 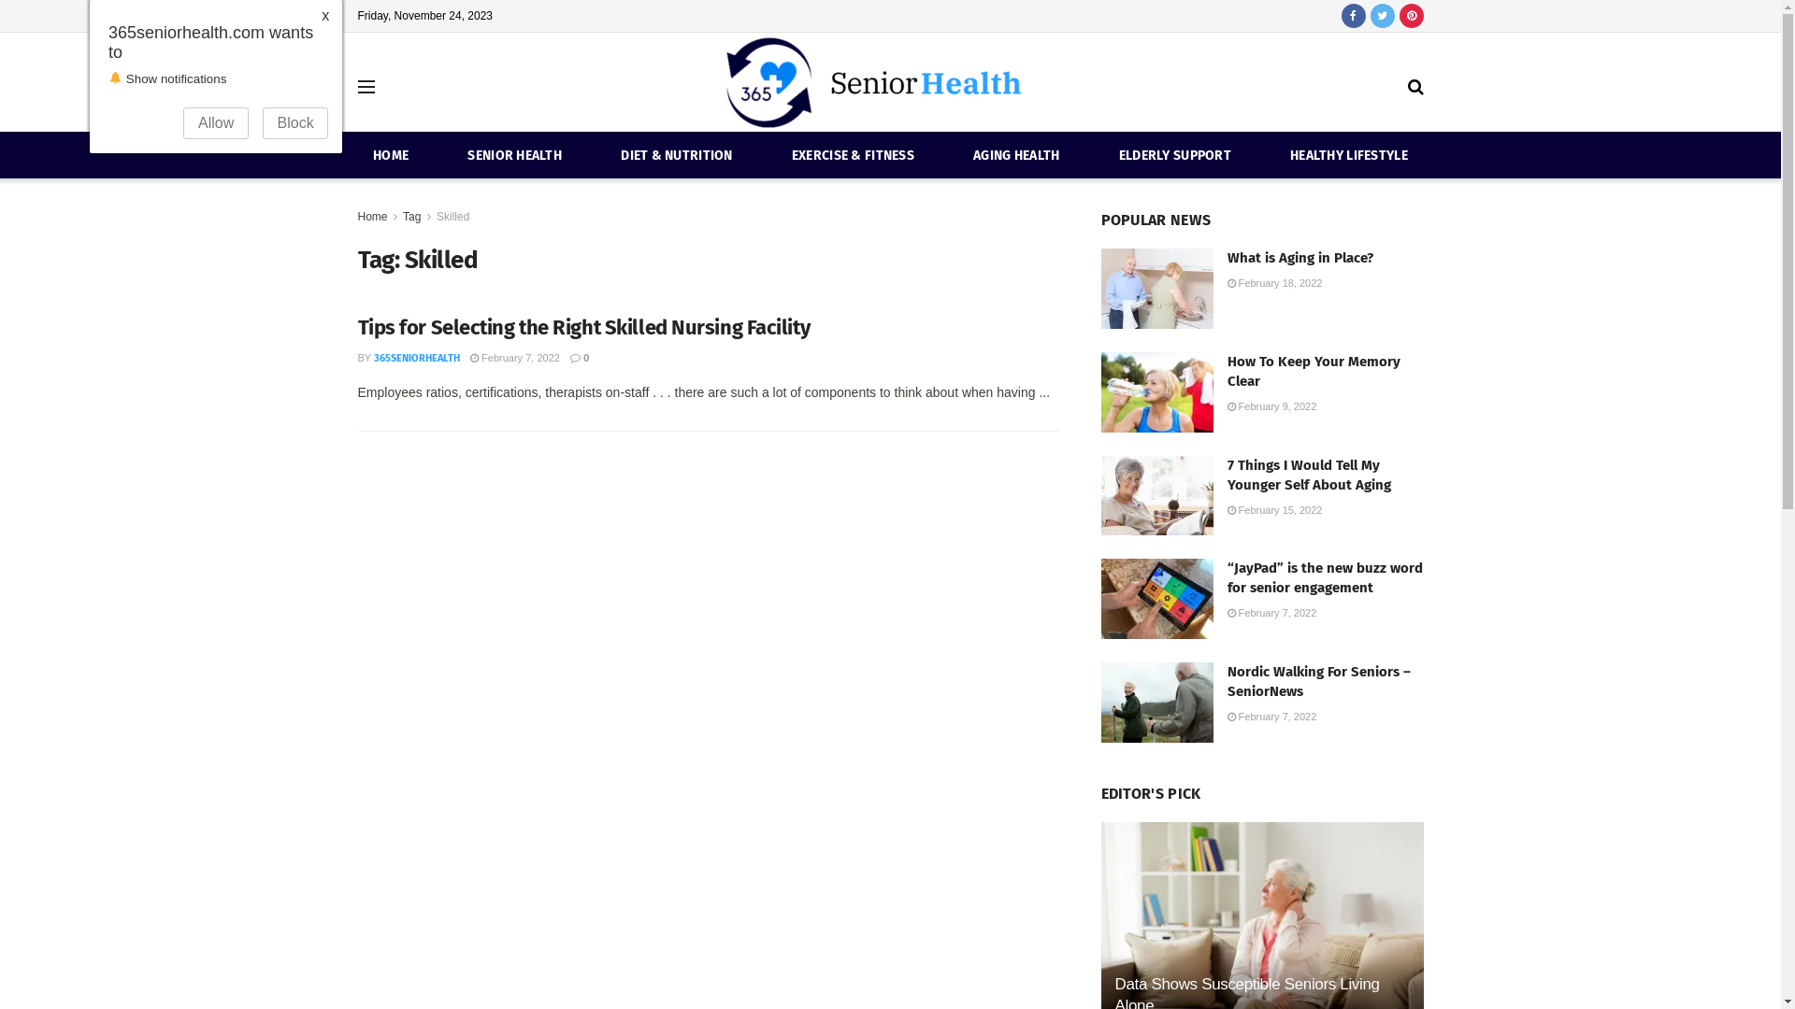 I want to click on 'February 9, 2022', so click(x=1271, y=405).